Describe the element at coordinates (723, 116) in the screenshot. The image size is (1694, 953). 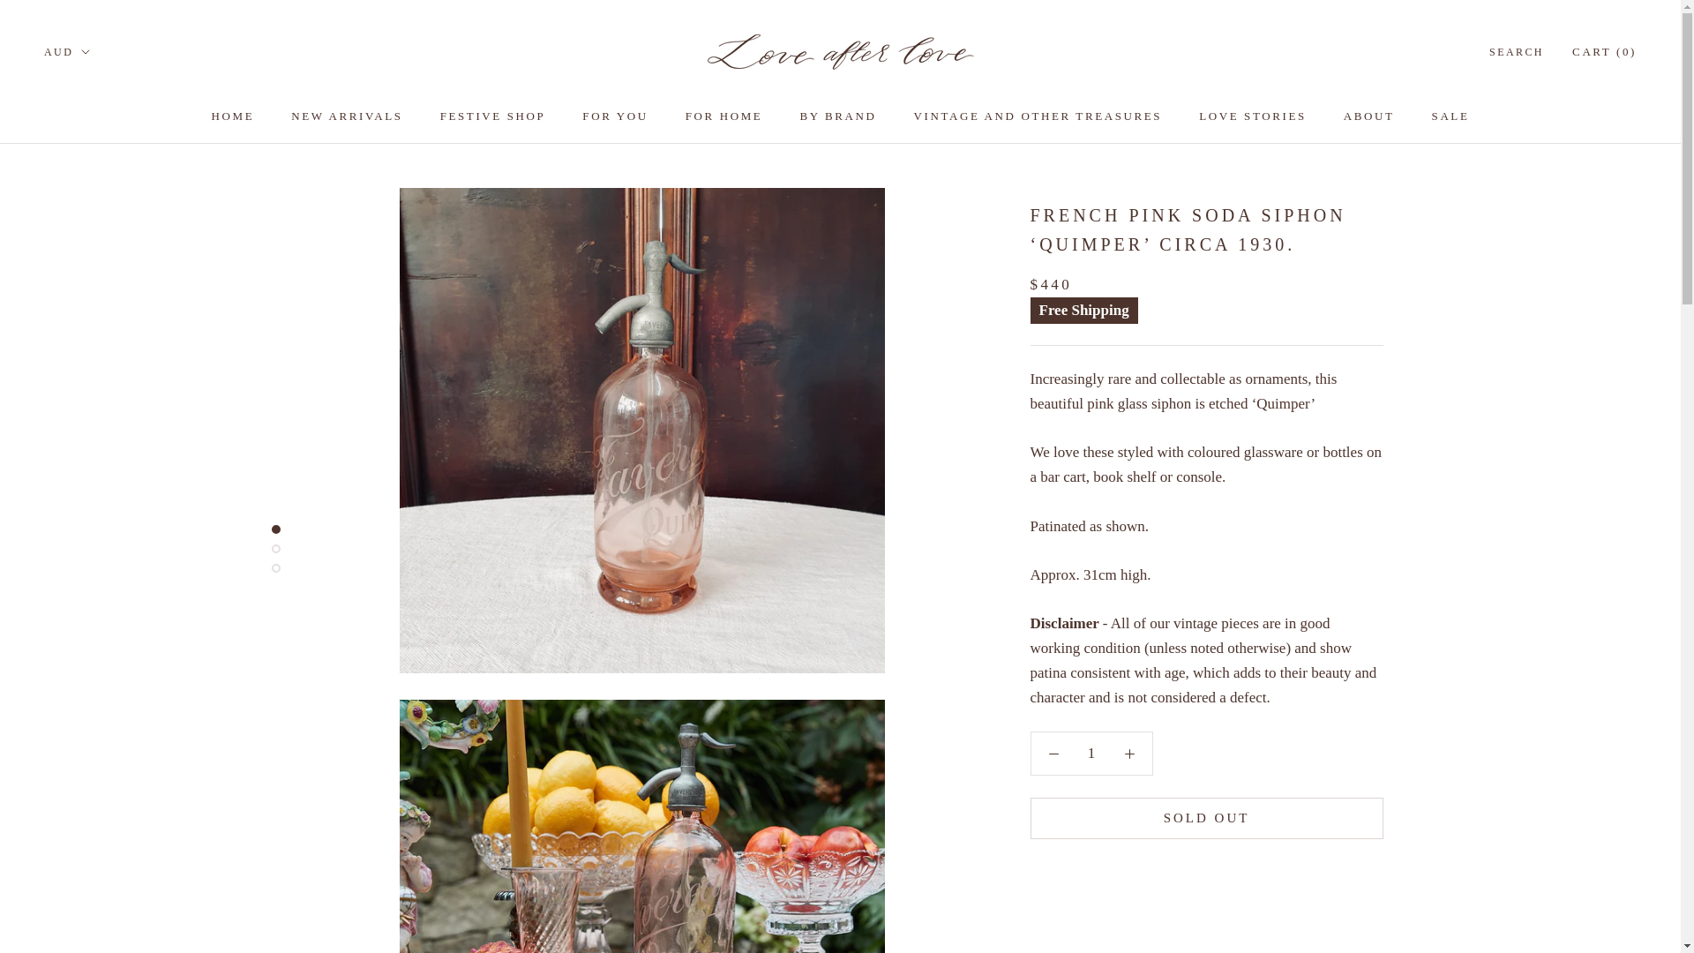
I see `'FOR HOME'` at that location.